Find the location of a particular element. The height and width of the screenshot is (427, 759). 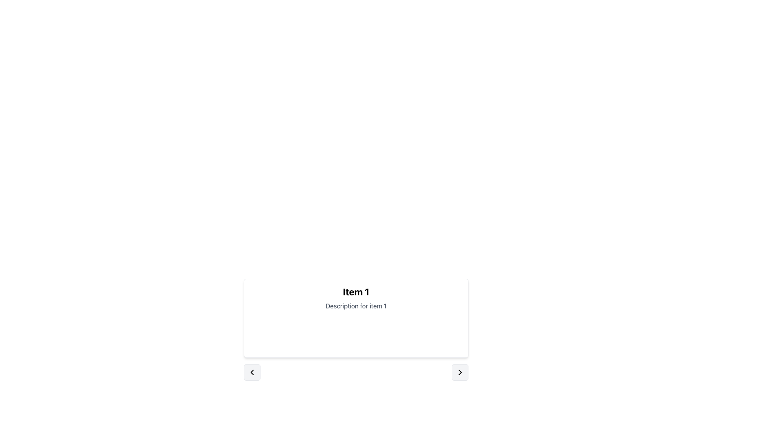

the rightward-pointing chevron button enclosed within a light gray rounded rectangular button to go to the next item is located at coordinates (460, 372).